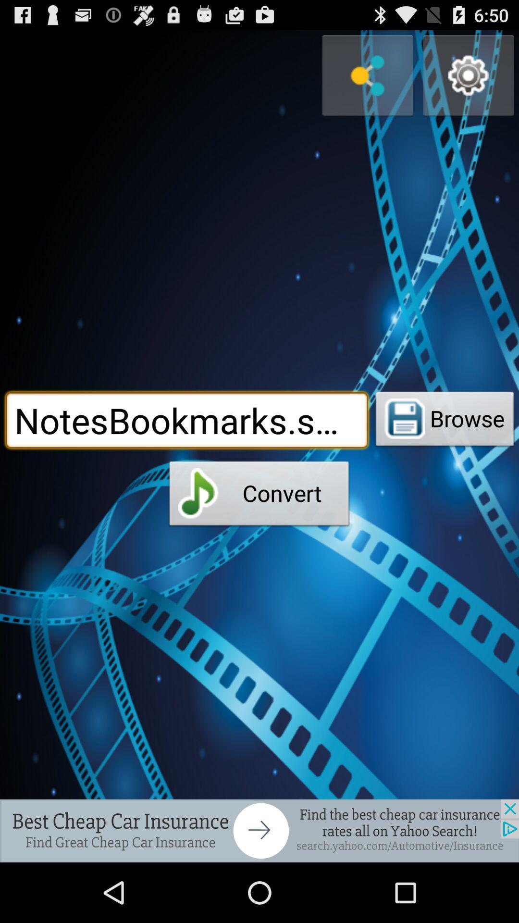 The height and width of the screenshot is (923, 519). Describe the element at coordinates (367, 75) in the screenshot. I see `share the file` at that location.